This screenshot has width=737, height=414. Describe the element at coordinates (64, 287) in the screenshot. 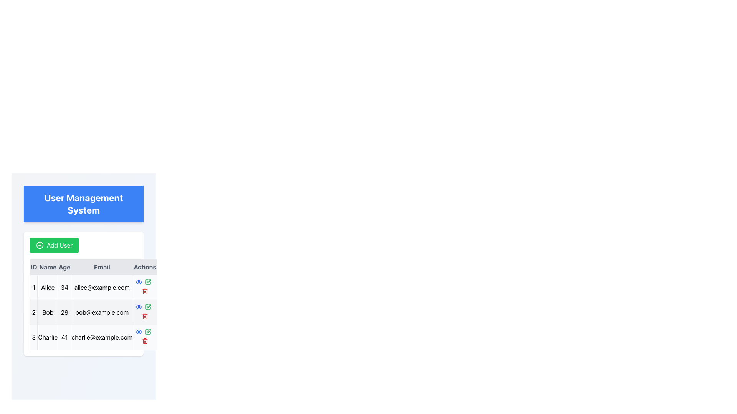

I see `the static text element displaying the age value '34' for the user 'Alice' in the user management table, located in the third column under the 'Age' header` at that location.